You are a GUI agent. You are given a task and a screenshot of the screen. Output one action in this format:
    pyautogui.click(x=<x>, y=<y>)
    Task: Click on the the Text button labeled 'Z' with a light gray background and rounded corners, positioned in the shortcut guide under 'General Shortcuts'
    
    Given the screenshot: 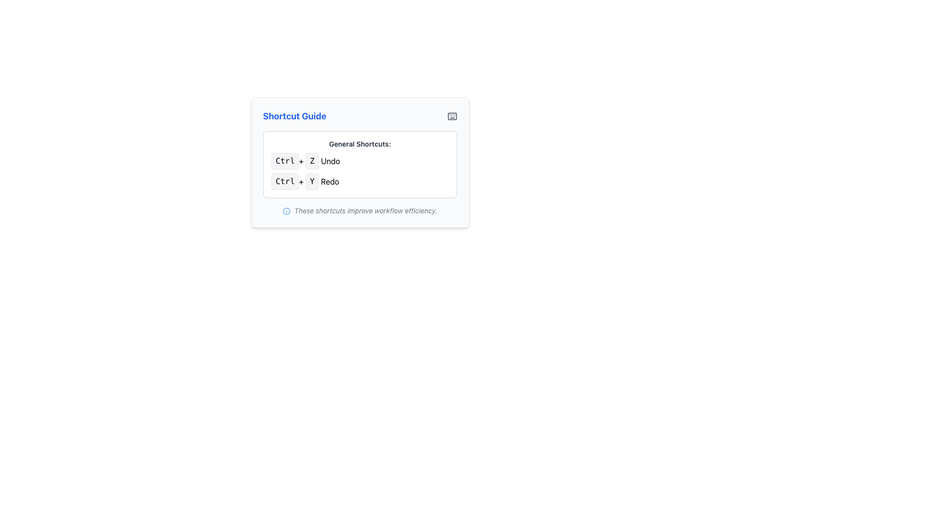 What is the action you would take?
    pyautogui.click(x=312, y=161)
    